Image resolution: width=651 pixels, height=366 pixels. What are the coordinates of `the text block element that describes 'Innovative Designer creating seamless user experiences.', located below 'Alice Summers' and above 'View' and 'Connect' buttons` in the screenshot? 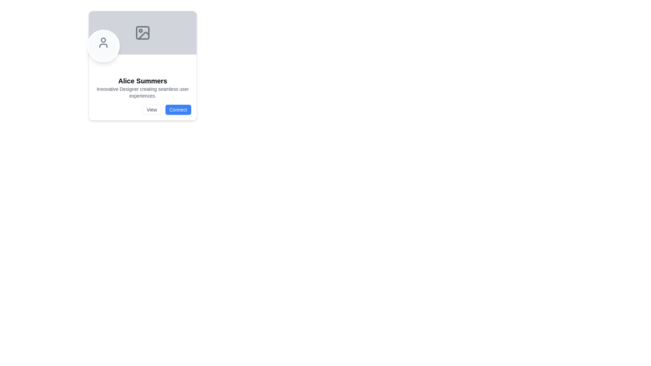 It's located at (142, 93).